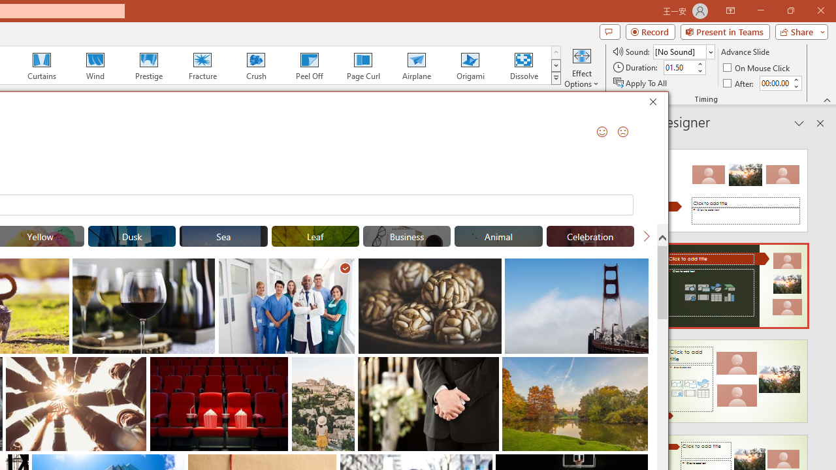 The image size is (836, 470). I want to click on 'After', so click(739, 83).